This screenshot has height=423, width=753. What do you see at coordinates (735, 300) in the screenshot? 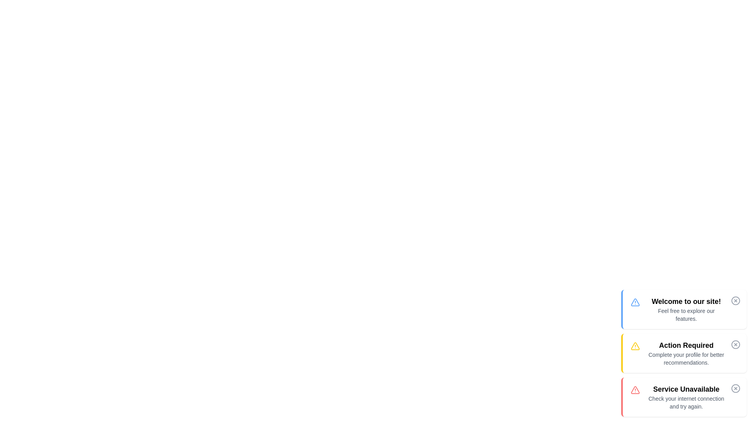
I see `the circular SVG graphic component located in the top-right corner of the 'Welcome to our site!' card, which symbolizes a close or cancel action` at bounding box center [735, 300].